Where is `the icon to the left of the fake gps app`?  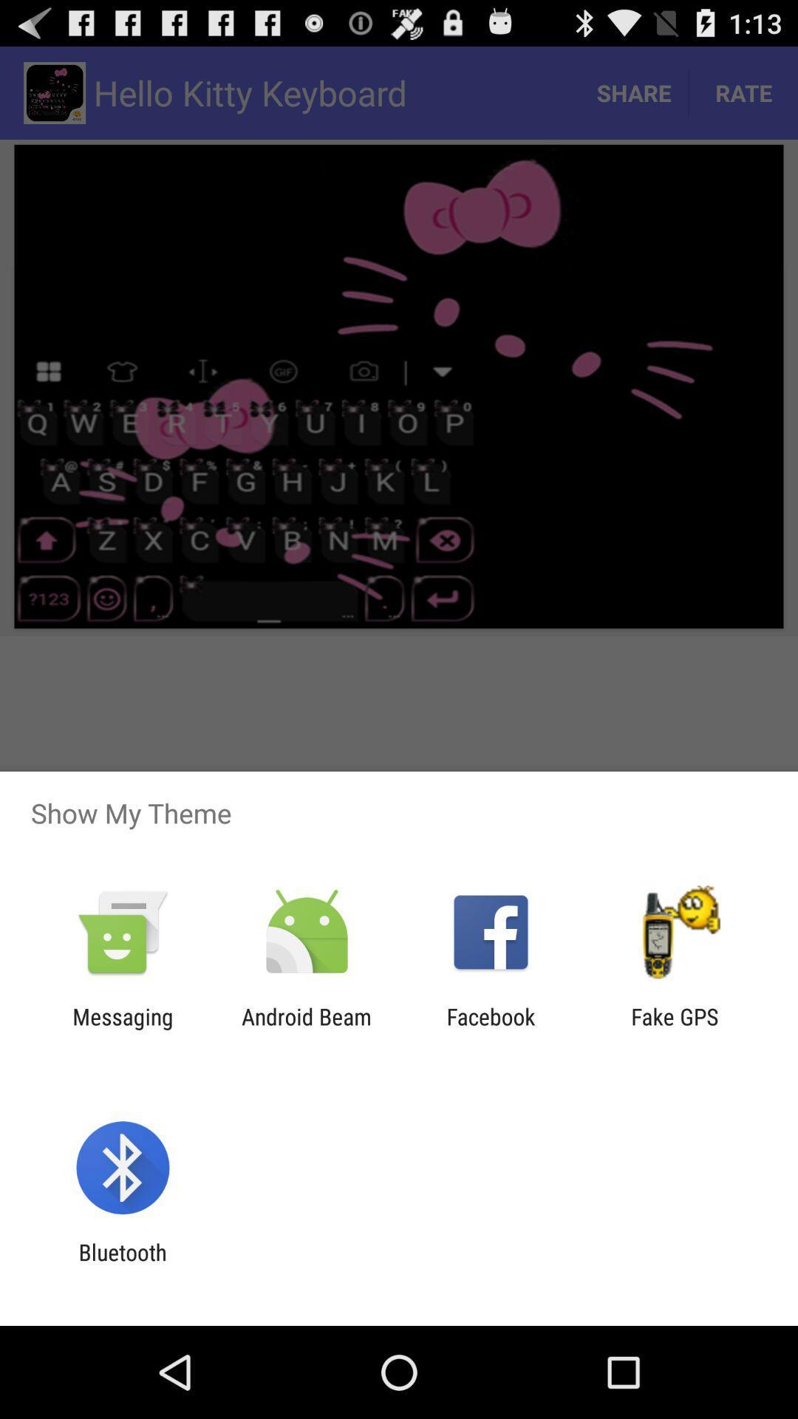 the icon to the left of the fake gps app is located at coordinates (491, 1029).